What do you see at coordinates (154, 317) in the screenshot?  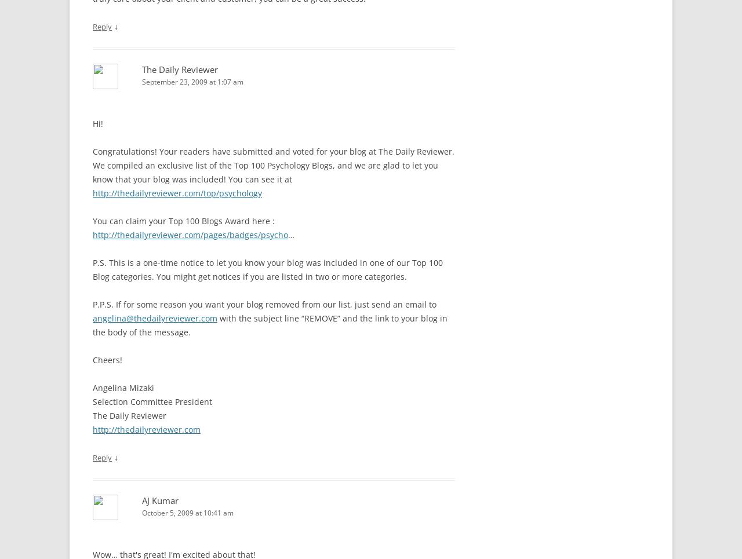 I see `'angelina@thedailyreviewer.com'` at bounding box center [154, 317].